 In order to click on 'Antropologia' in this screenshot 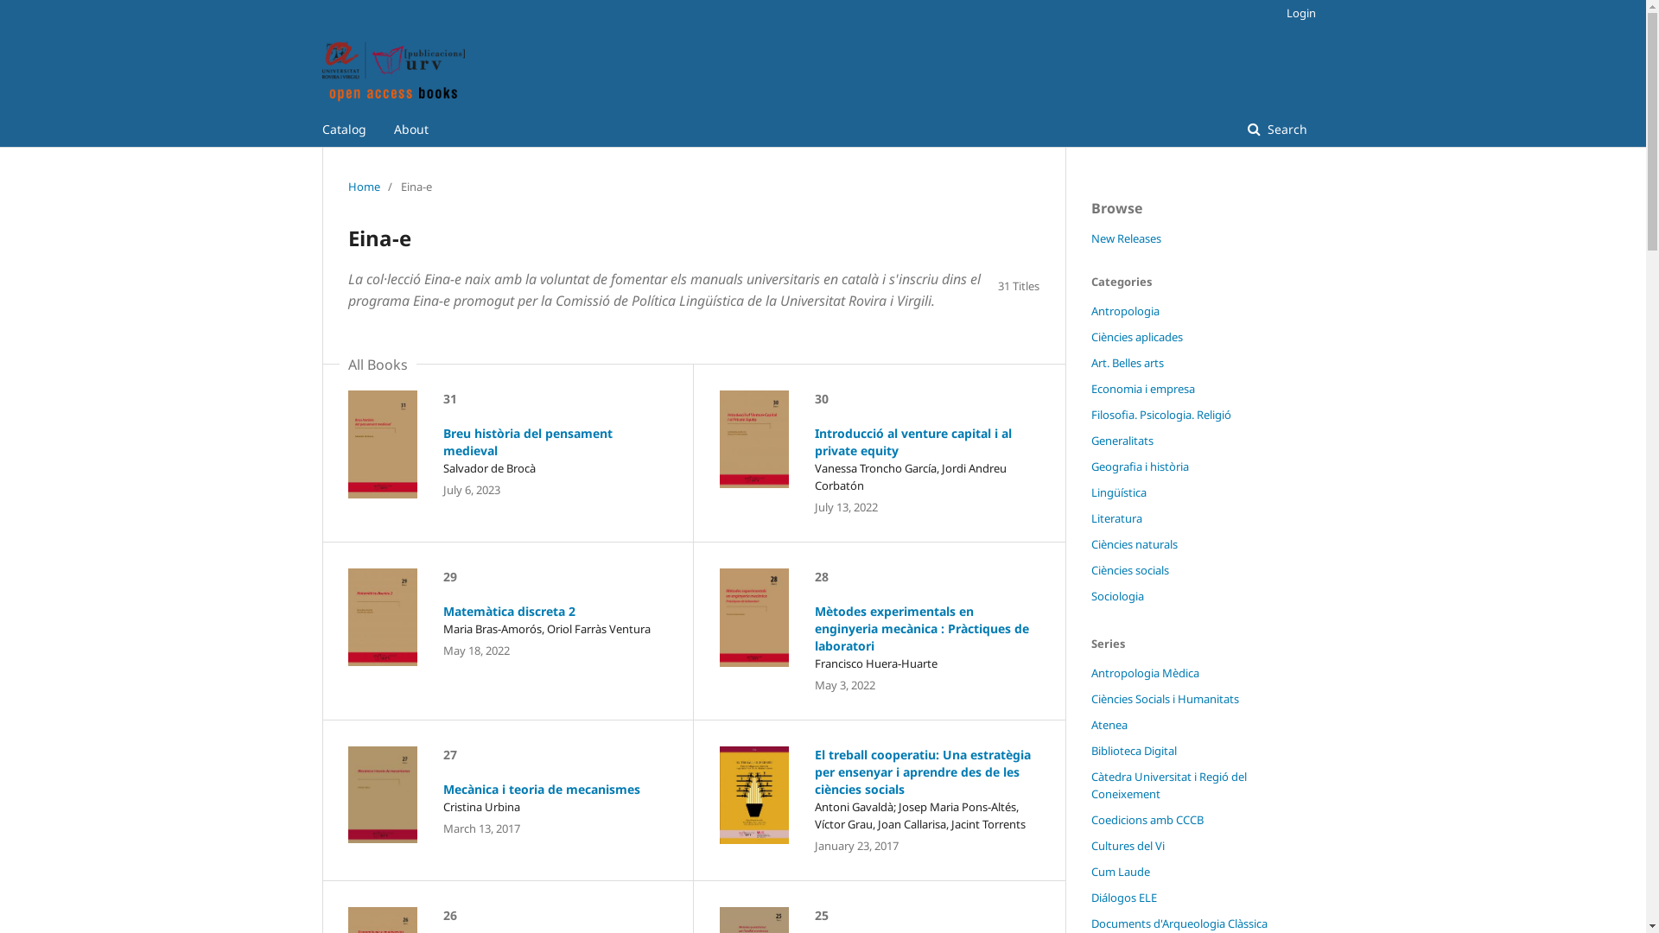, I will do `click(1124, 309)`.